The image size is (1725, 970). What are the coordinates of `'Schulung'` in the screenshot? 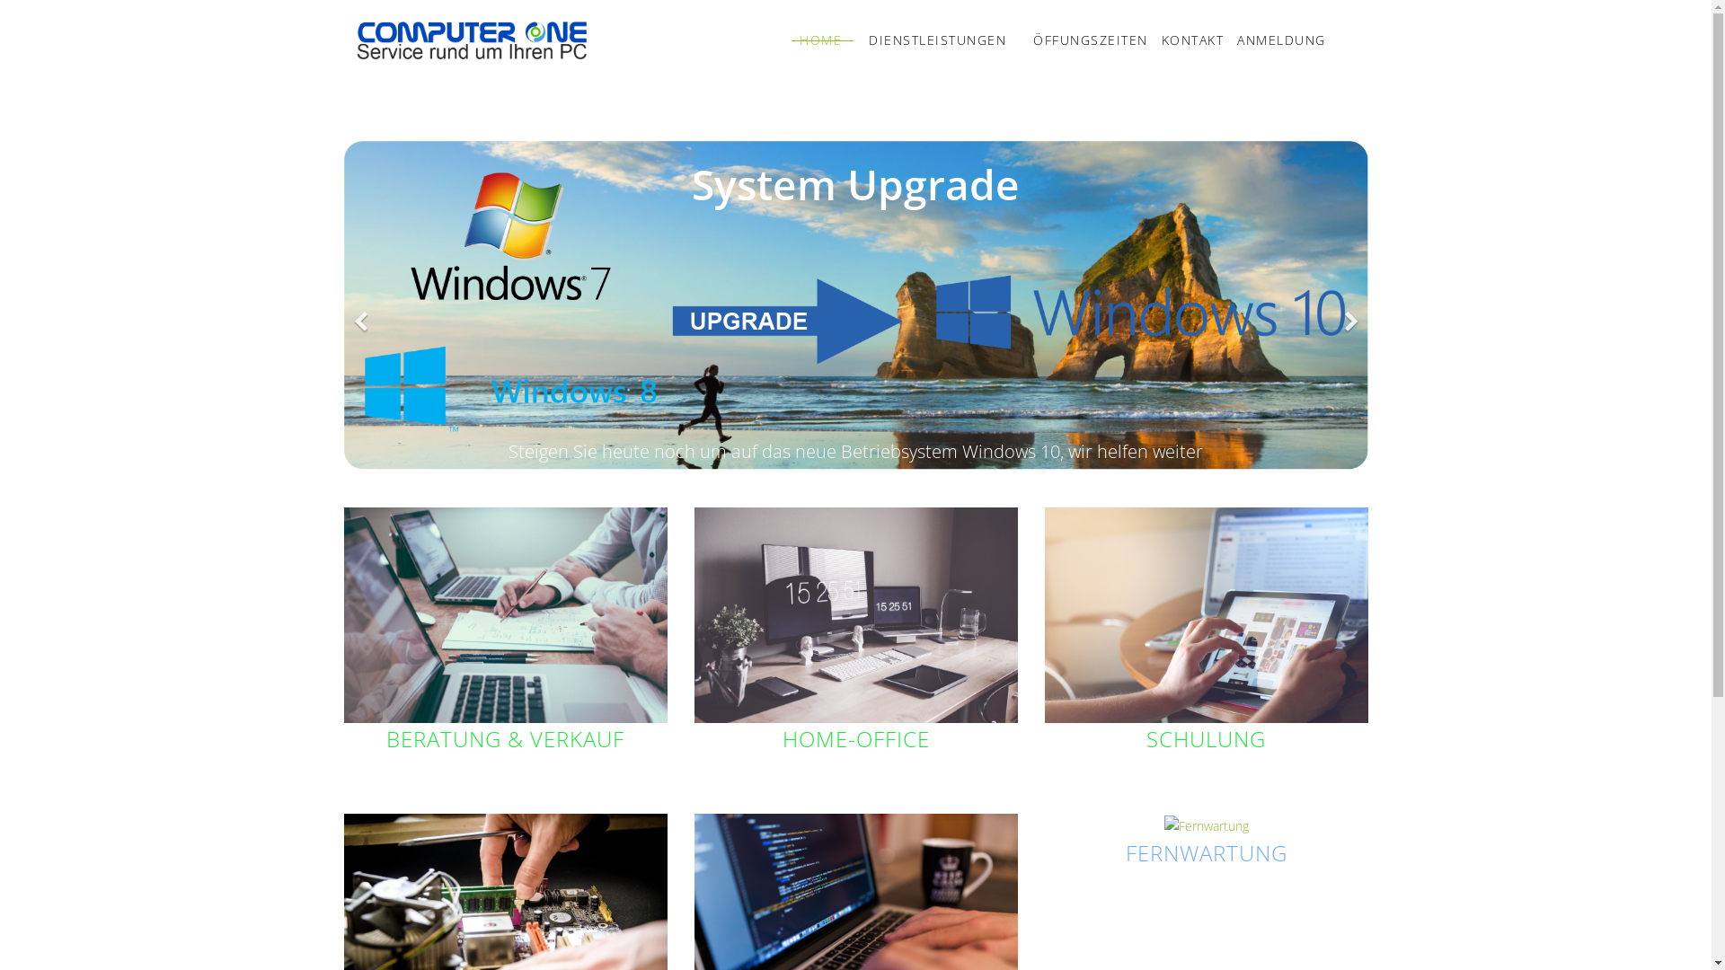 It's located at (1043, 614).